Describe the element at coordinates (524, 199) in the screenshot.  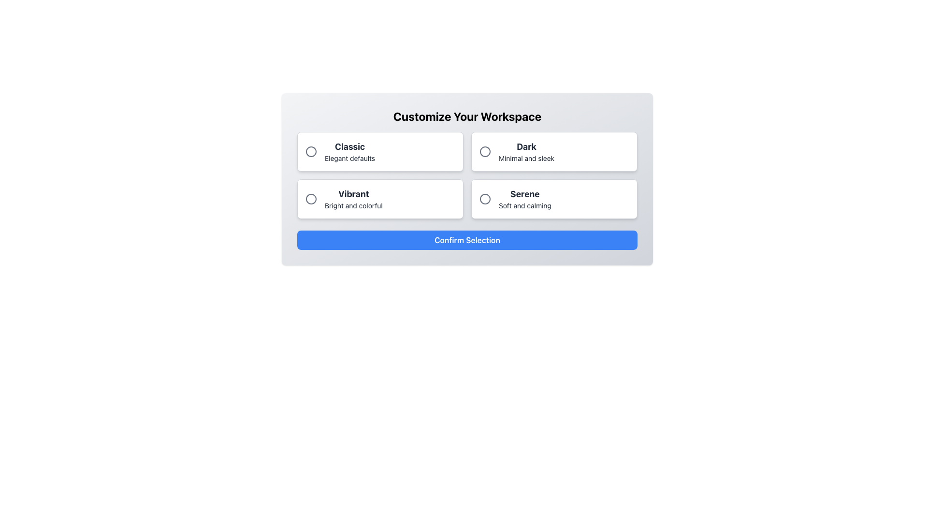
I see `text description of the 'Serene' customization option, which is the third option in the workspace customization choices, located in the bottom-right quadrant of the group` at that location.